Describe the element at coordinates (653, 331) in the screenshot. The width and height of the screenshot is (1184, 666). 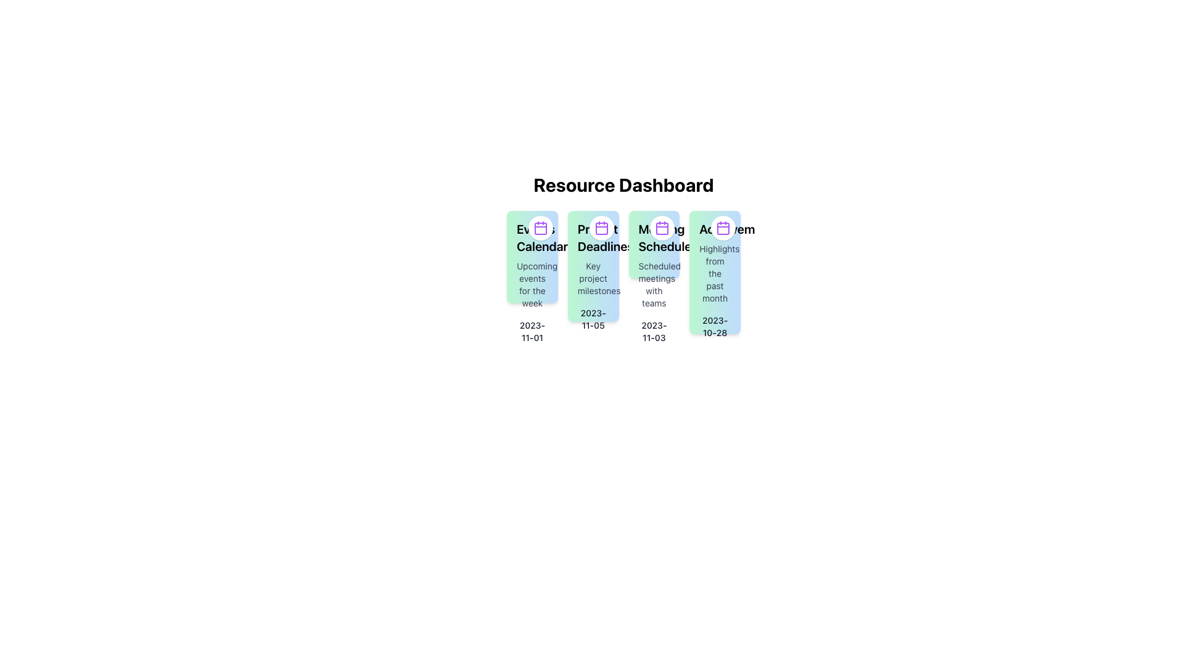
I see `the bottommost text label indicating the specific date related to the 'Meeting Schedules' card within the third card under the 'Resource Dashboard'` at that location.